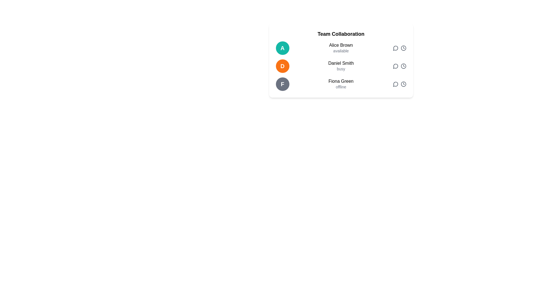 The width and height of the screenshot is (540, 304). I want to click on the Text Label that serves as the title or header for the card, located at the top of the white card interface with rounded corners, so click(341, 34).